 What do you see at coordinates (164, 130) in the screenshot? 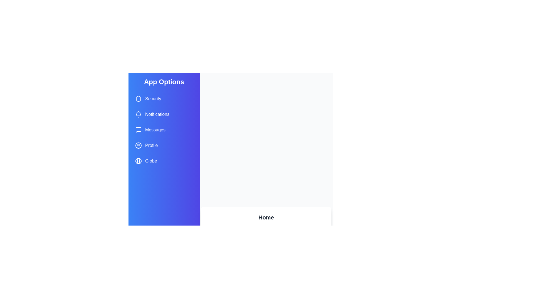
I see `the sidebar item corresponding to Messages` at bounding box center [164, 130].